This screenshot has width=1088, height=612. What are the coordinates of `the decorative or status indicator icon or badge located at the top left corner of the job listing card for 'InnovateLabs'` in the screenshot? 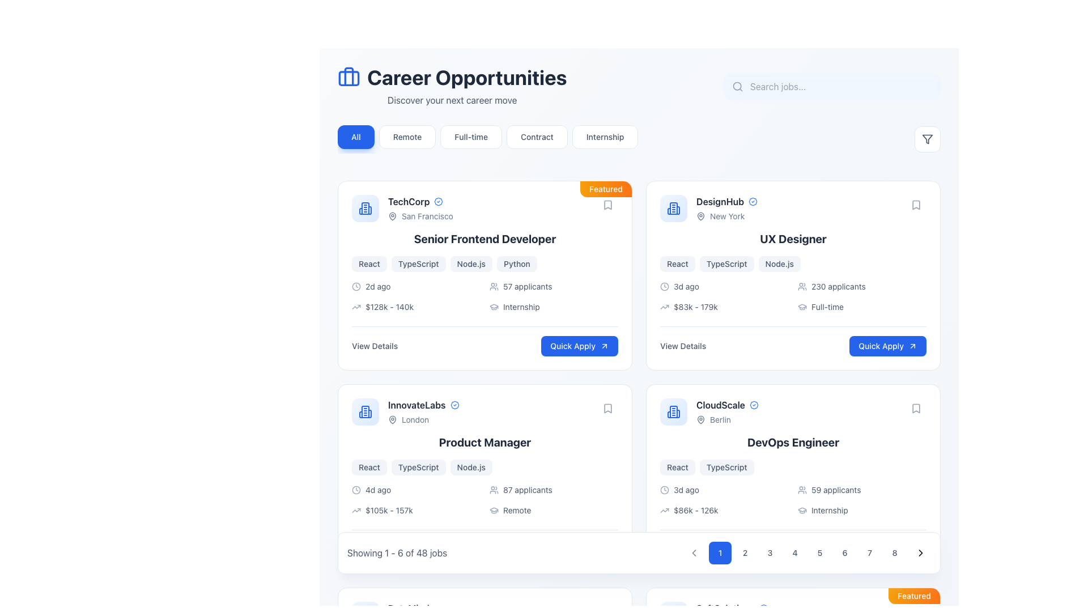 It's located at (454, 404).